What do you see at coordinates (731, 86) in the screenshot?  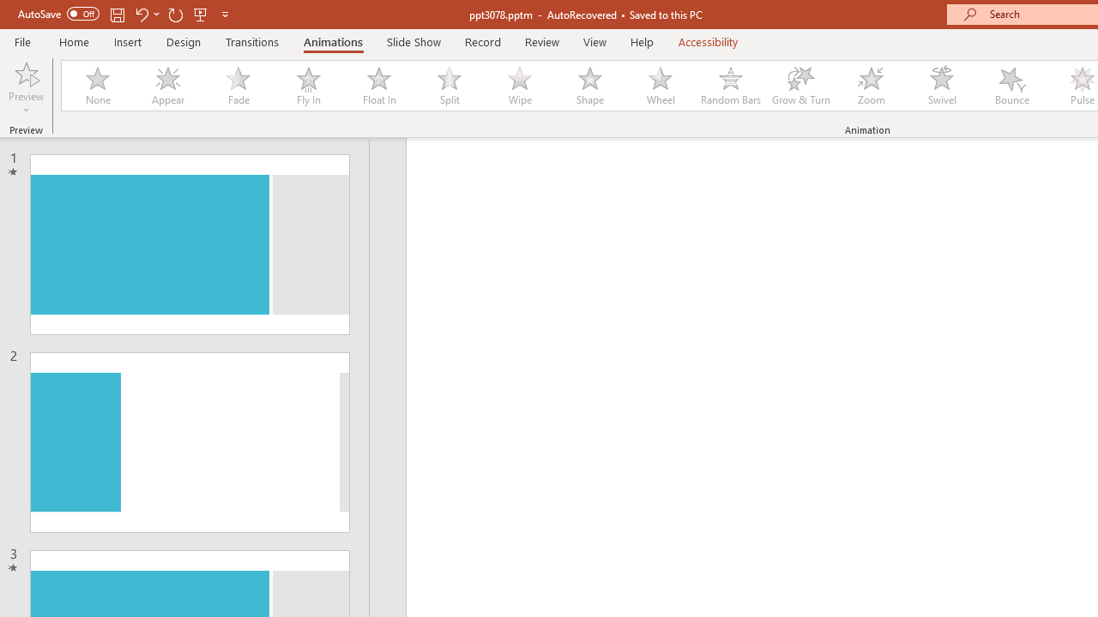 I see `'Random Bars'` at bounding box center [731, 86].